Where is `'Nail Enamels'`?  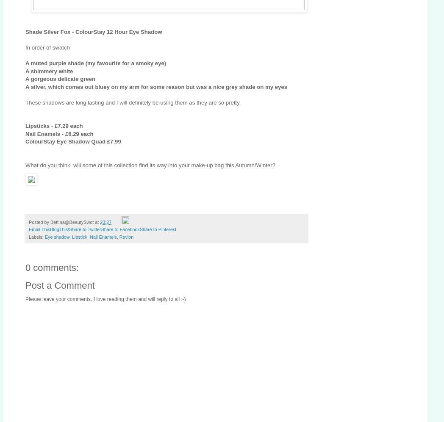
'Nail Enamels' is located at coordinates (103, 237).